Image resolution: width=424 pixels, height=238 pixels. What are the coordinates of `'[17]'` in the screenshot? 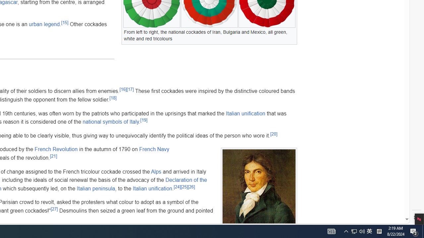 It's located at (130, 90).